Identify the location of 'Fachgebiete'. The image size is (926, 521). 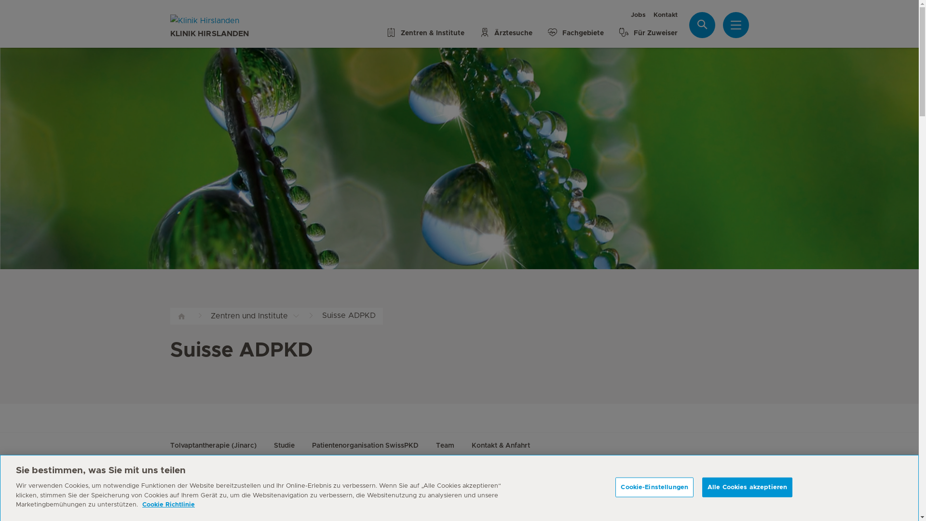
(575, 29).